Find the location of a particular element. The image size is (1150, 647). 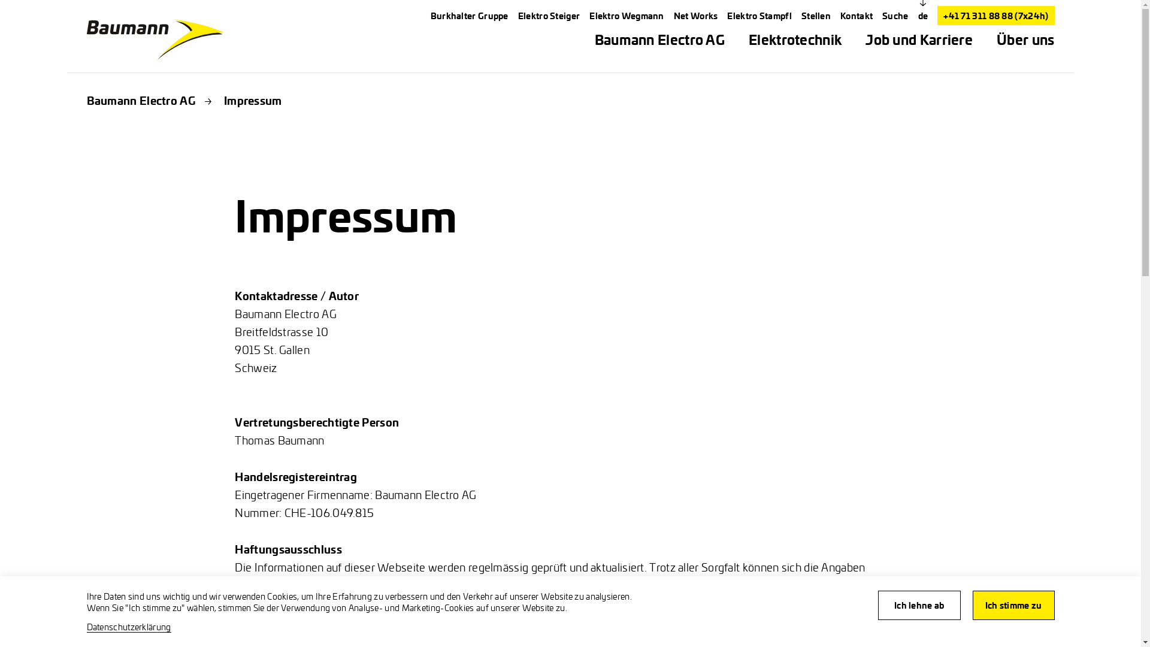

'Job und Karriere' is located at coordinates (918, 38).